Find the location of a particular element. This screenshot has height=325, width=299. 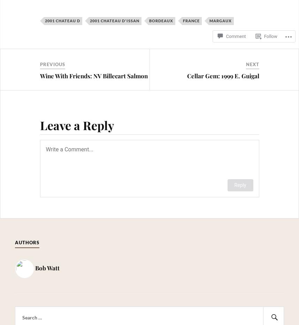

'2001 Chateau D' is located at coordinates (62, 21).